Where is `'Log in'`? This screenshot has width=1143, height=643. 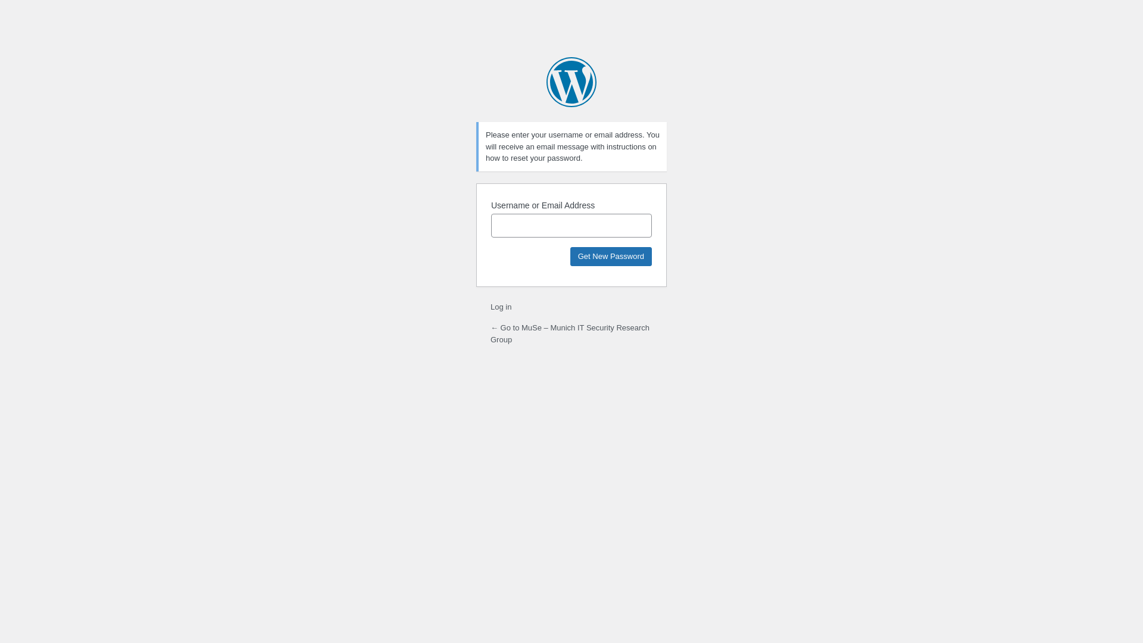
'Log in' is located at coordinates (491, 306).